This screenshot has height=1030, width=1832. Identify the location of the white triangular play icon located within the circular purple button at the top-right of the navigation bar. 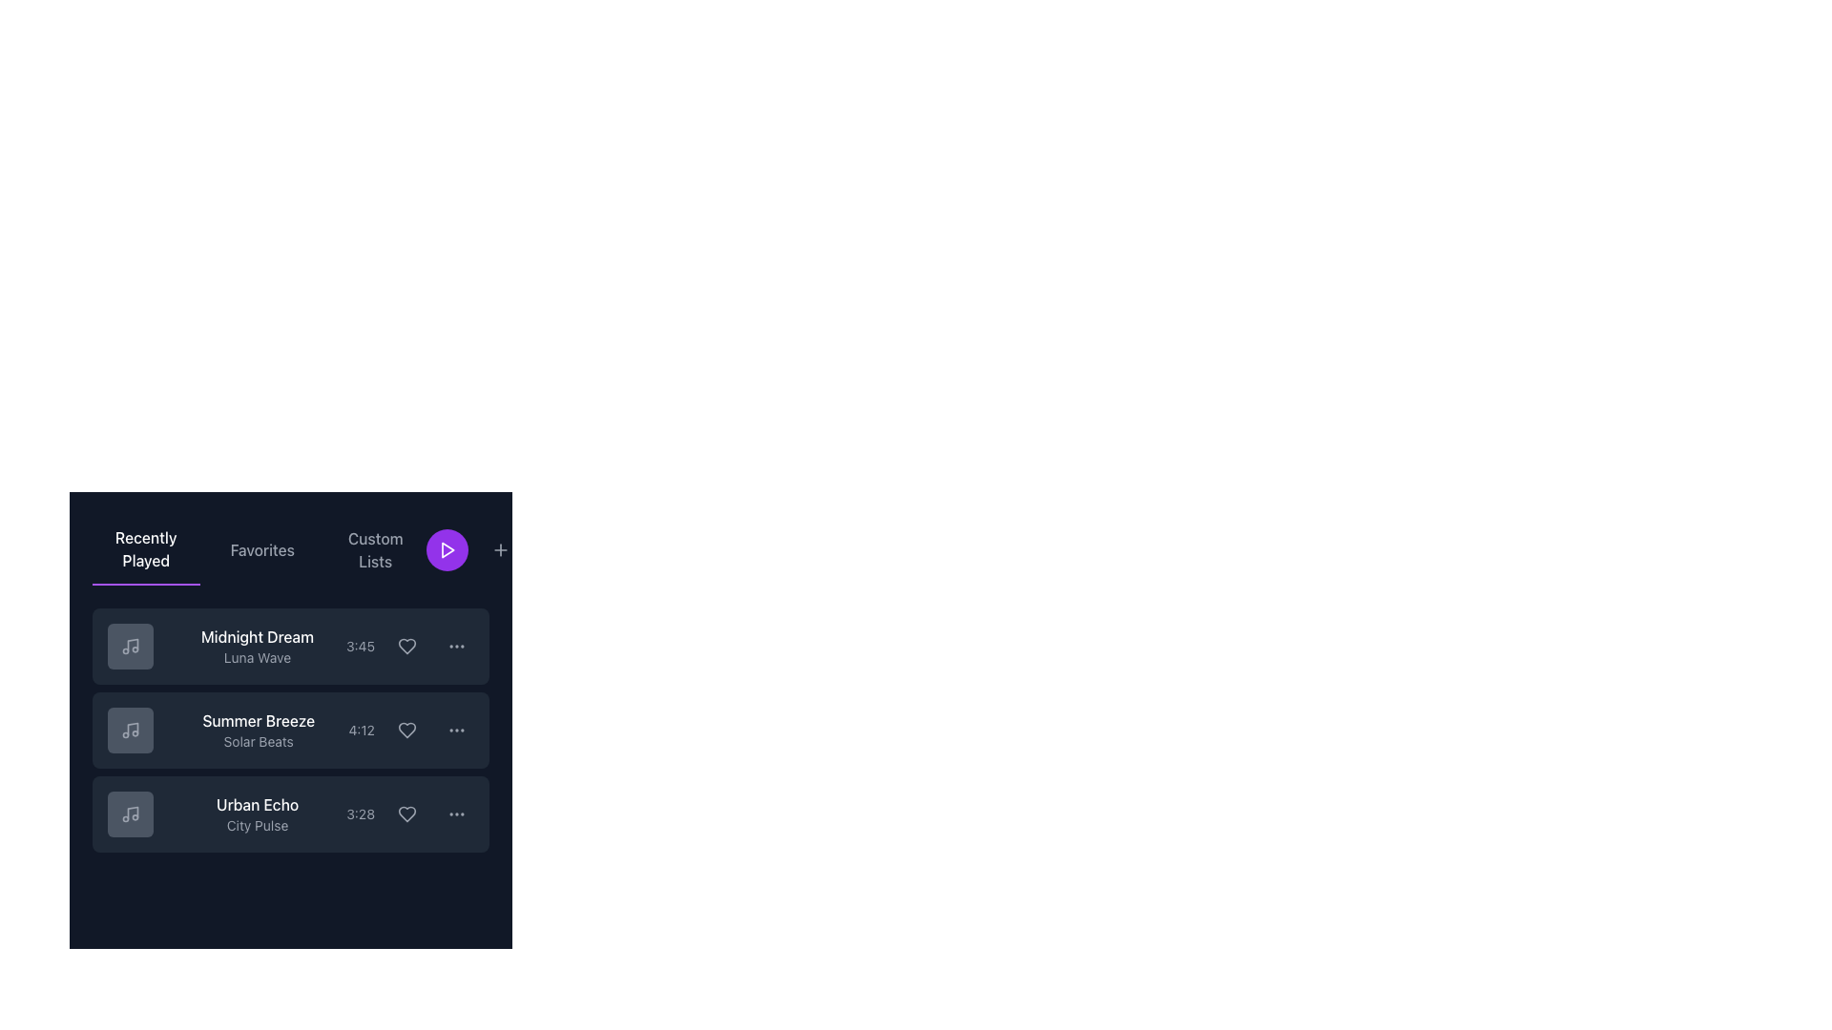
(446, 550).